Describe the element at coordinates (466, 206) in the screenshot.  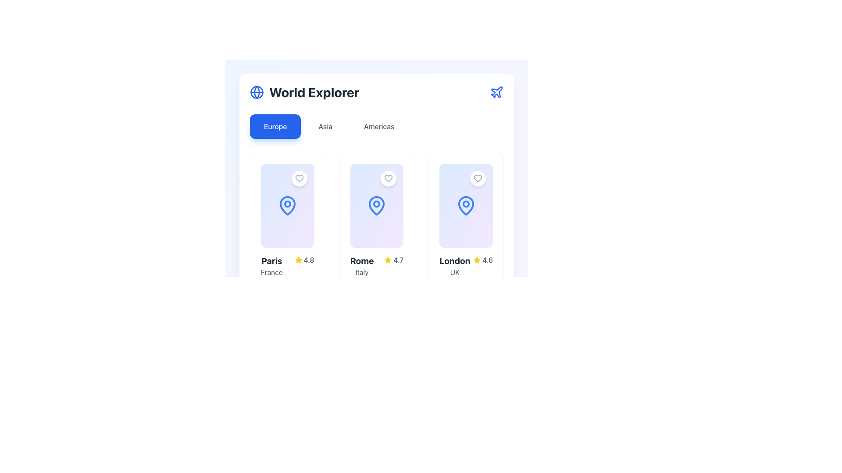
I see `the map pin icon representing 'London, UK' in the Europe section of the application` at that location.